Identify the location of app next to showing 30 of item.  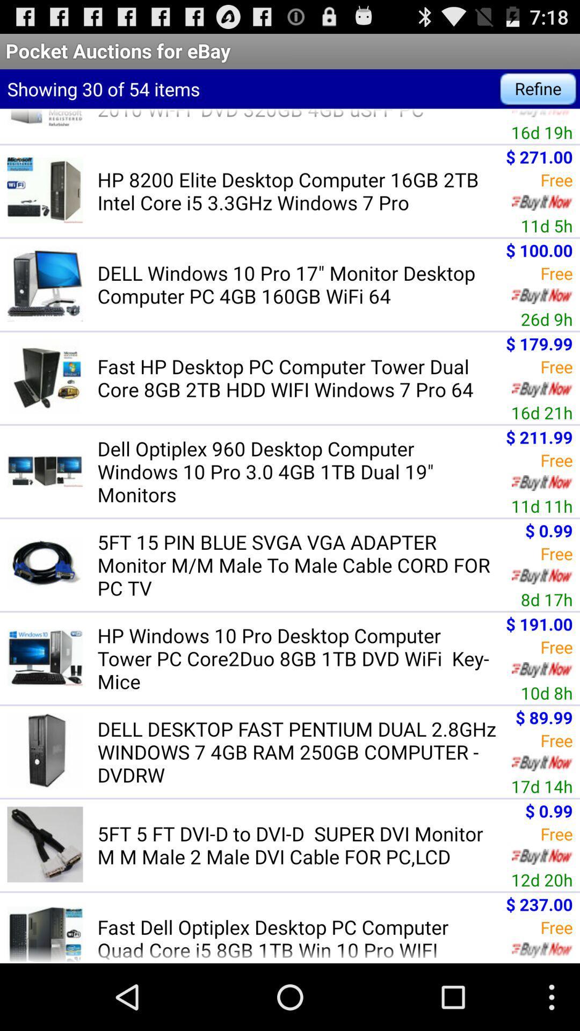
(538, 89).